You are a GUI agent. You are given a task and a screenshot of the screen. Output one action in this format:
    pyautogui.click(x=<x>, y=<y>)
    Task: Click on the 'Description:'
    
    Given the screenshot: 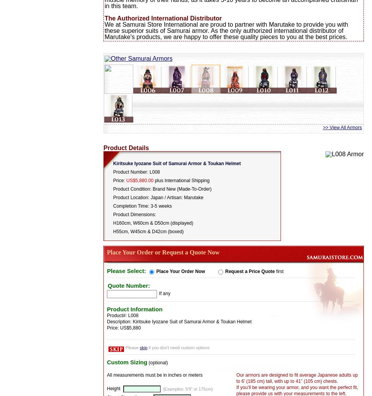 What is the action you would take?
    pyautogui.click(x=120, y=321)
    